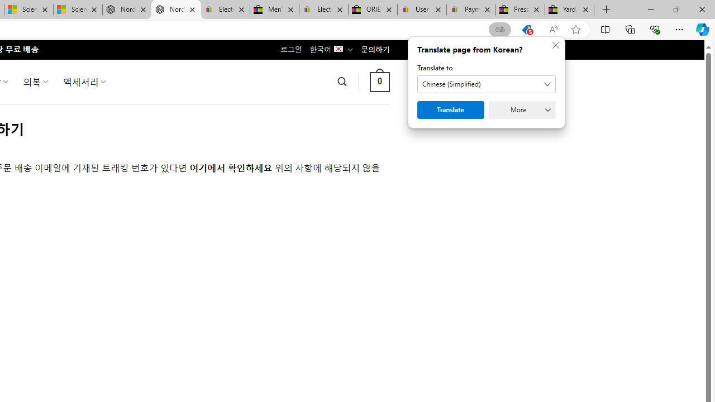 The width and height of the screenshot is (715, 402). Describe the element at coordinates (379, 81) in the screenshot. I see `'  0  '` at that location.